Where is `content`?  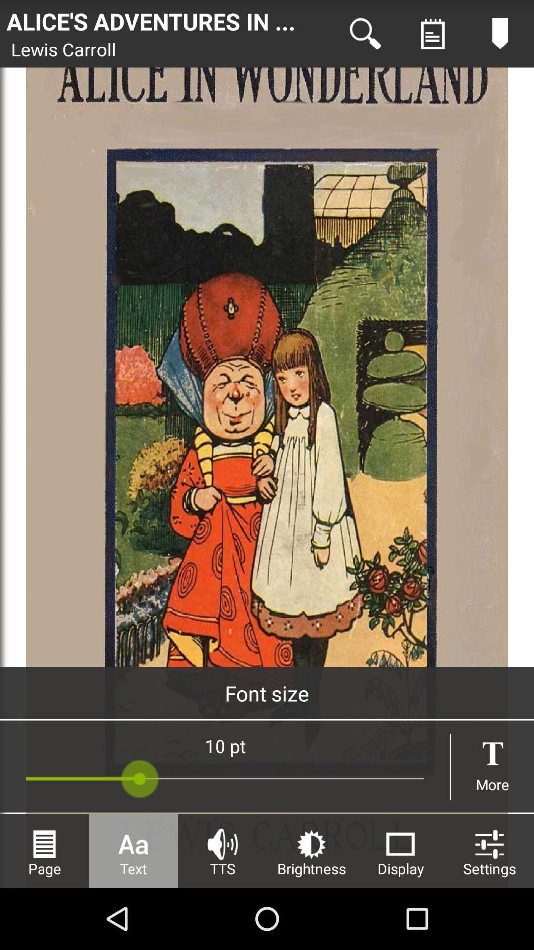
content is located at coordinates (500, 34).